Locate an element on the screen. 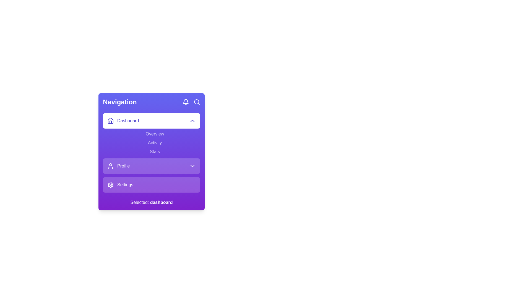 This screenshot has width=531, height=298. the 'Overview' text label in the navigation menu is located at coordinates (155, 134).